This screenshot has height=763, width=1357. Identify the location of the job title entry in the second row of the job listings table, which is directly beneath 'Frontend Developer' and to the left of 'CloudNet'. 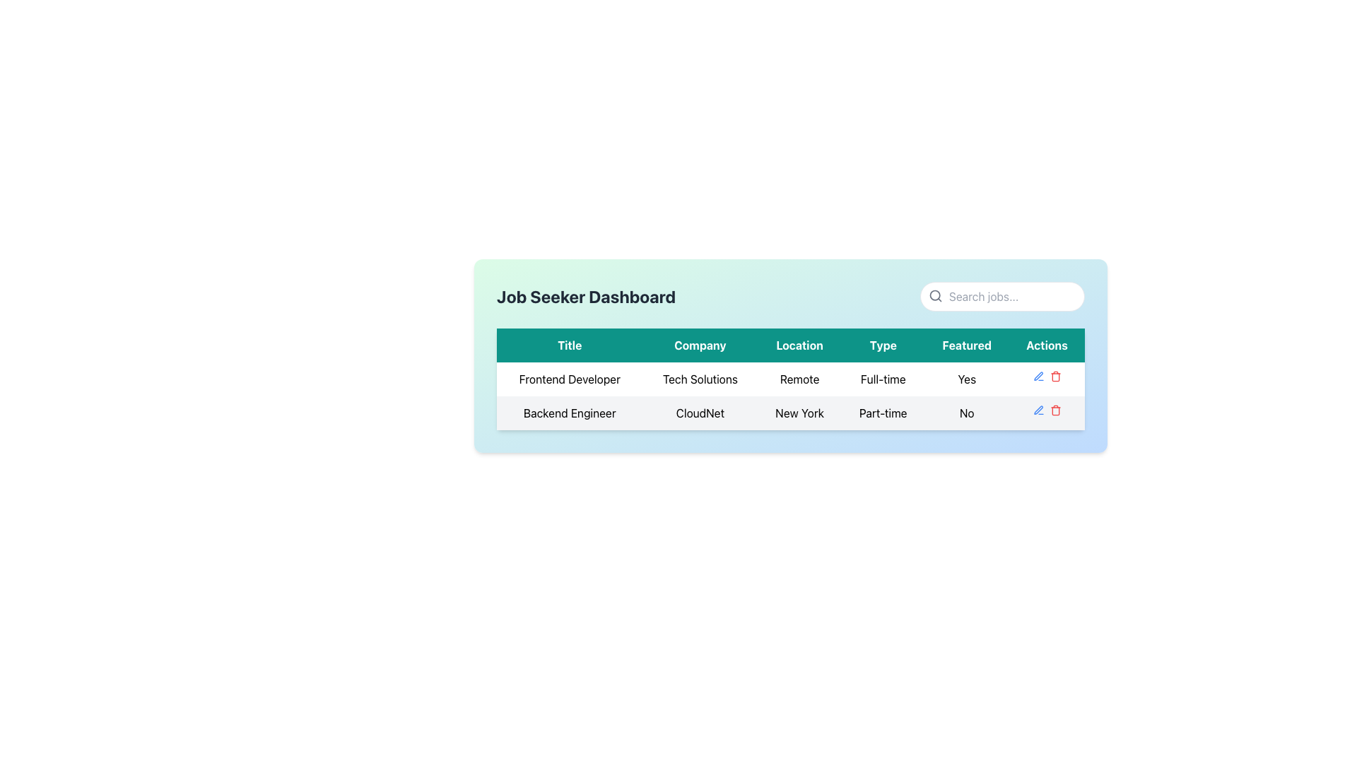
(570, 413).